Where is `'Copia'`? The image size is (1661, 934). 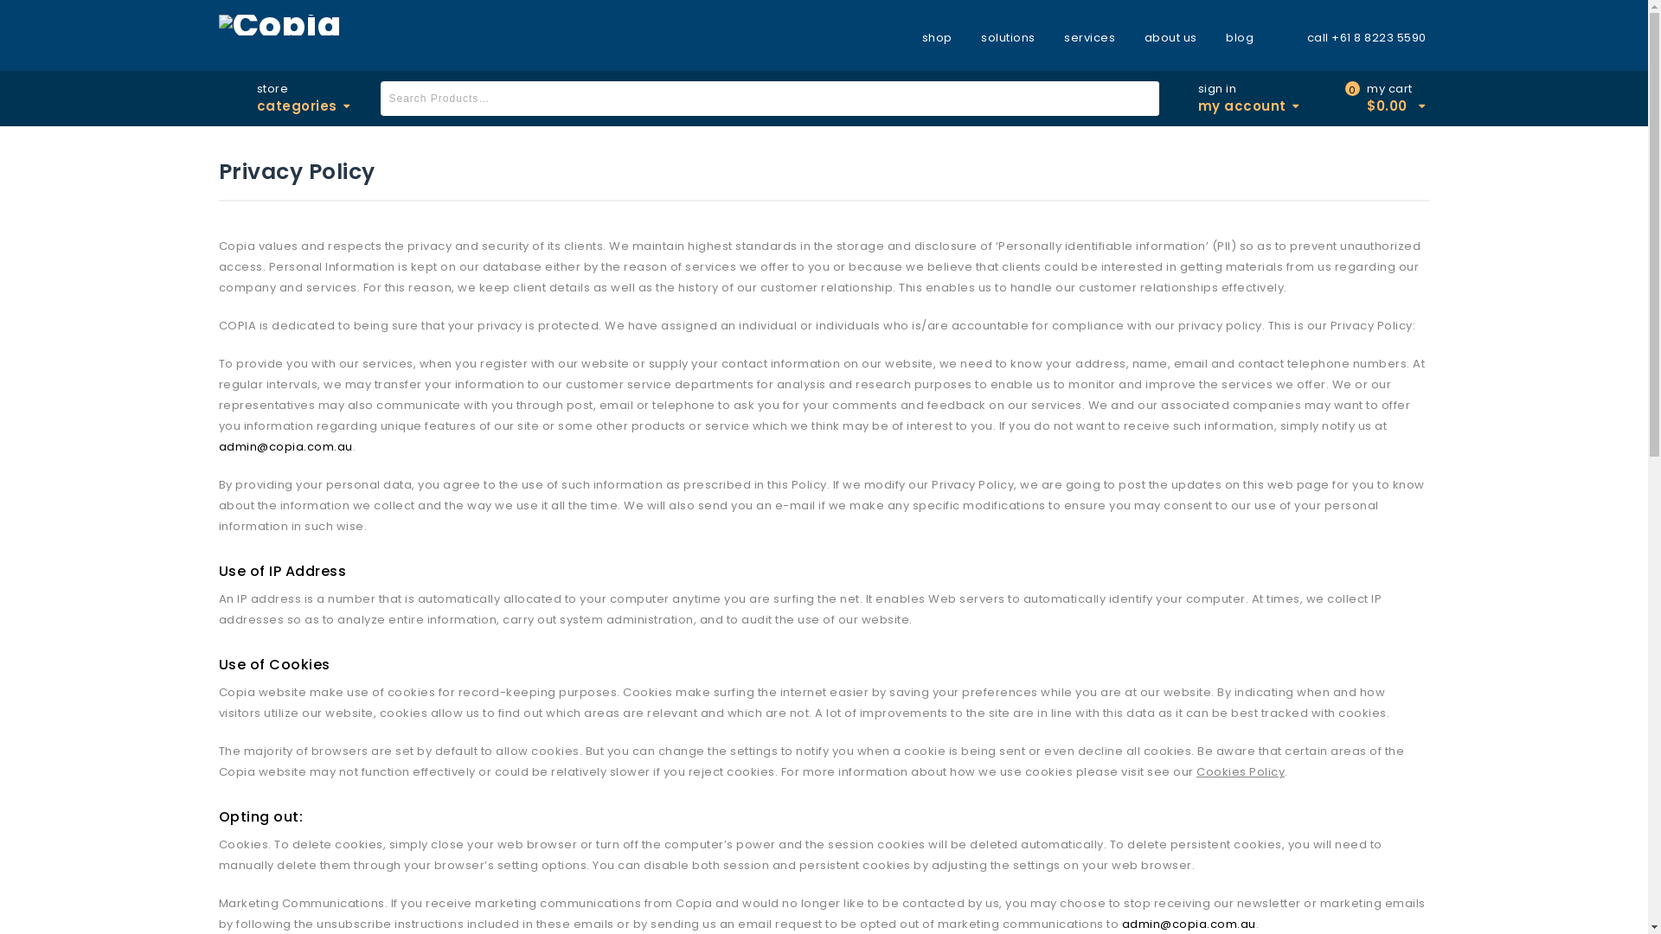 'Copia' is located at coordinates (279, 23).